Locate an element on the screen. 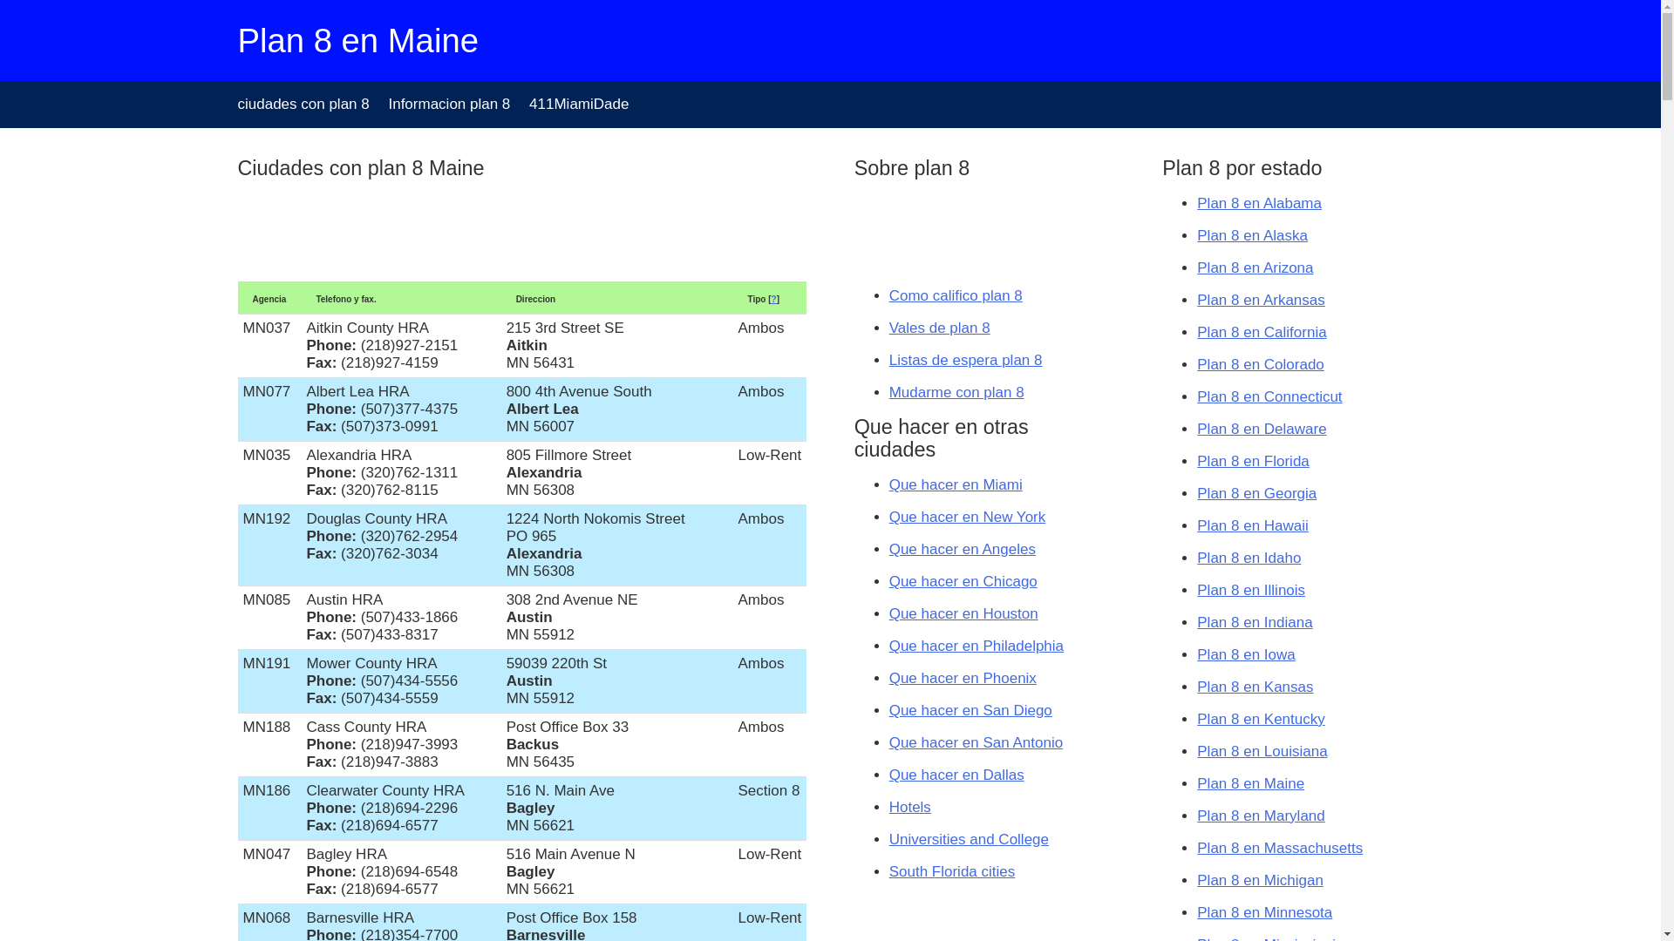 This screenshot has height=941, width=1674. 'Que hacer en San Antonio' is located at coordinates (975, 742).